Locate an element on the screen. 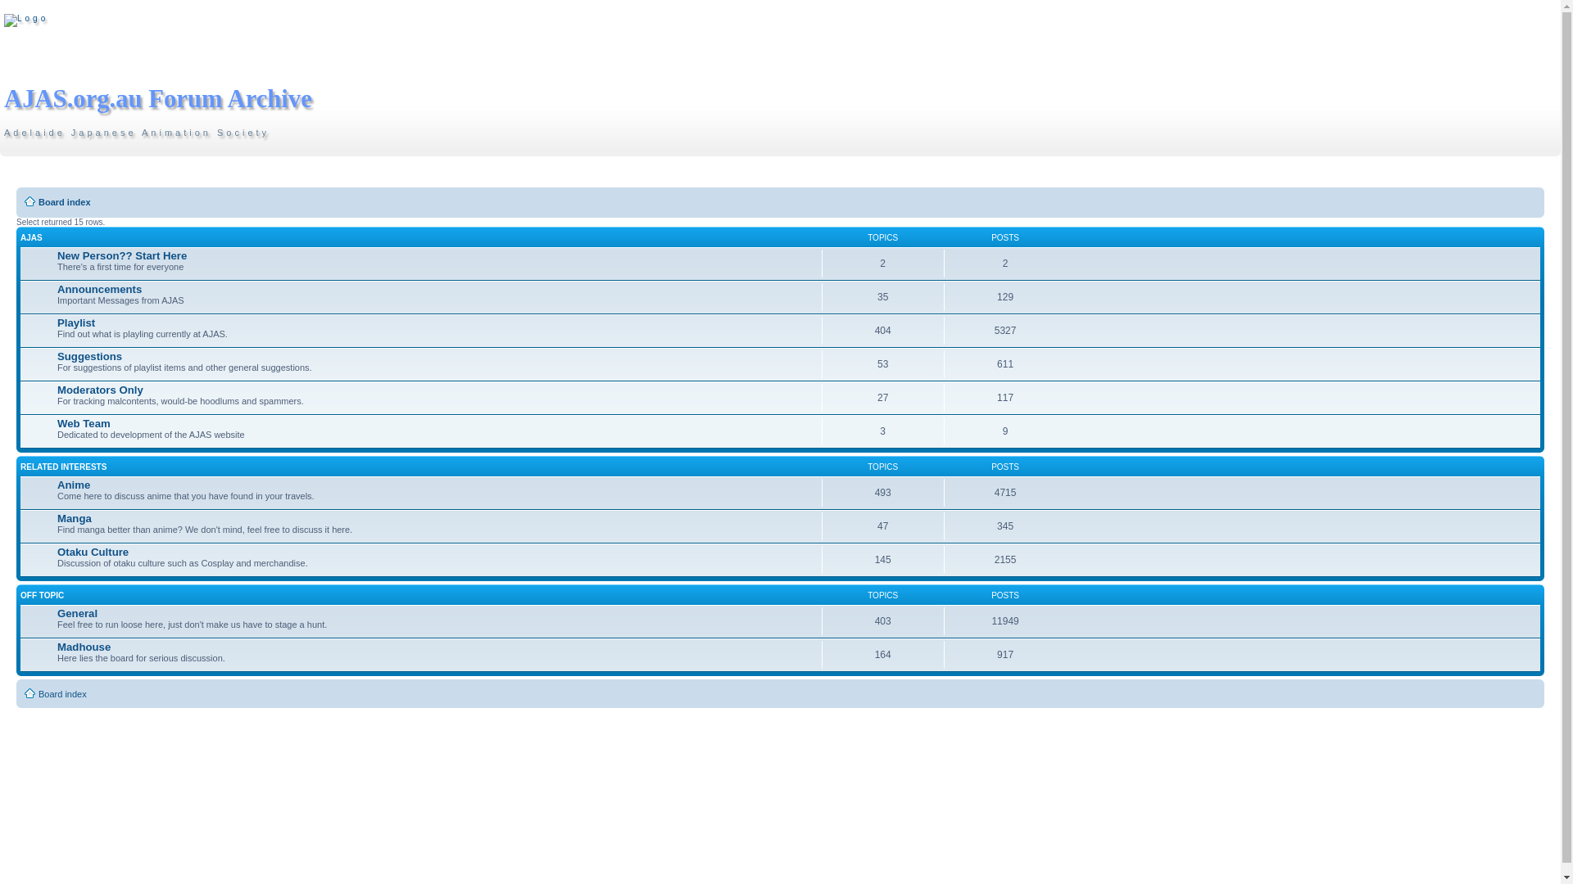 Image resolution: width=1573 pixels, height=884 pixels. 'General' is located at coordinates (76, 613).